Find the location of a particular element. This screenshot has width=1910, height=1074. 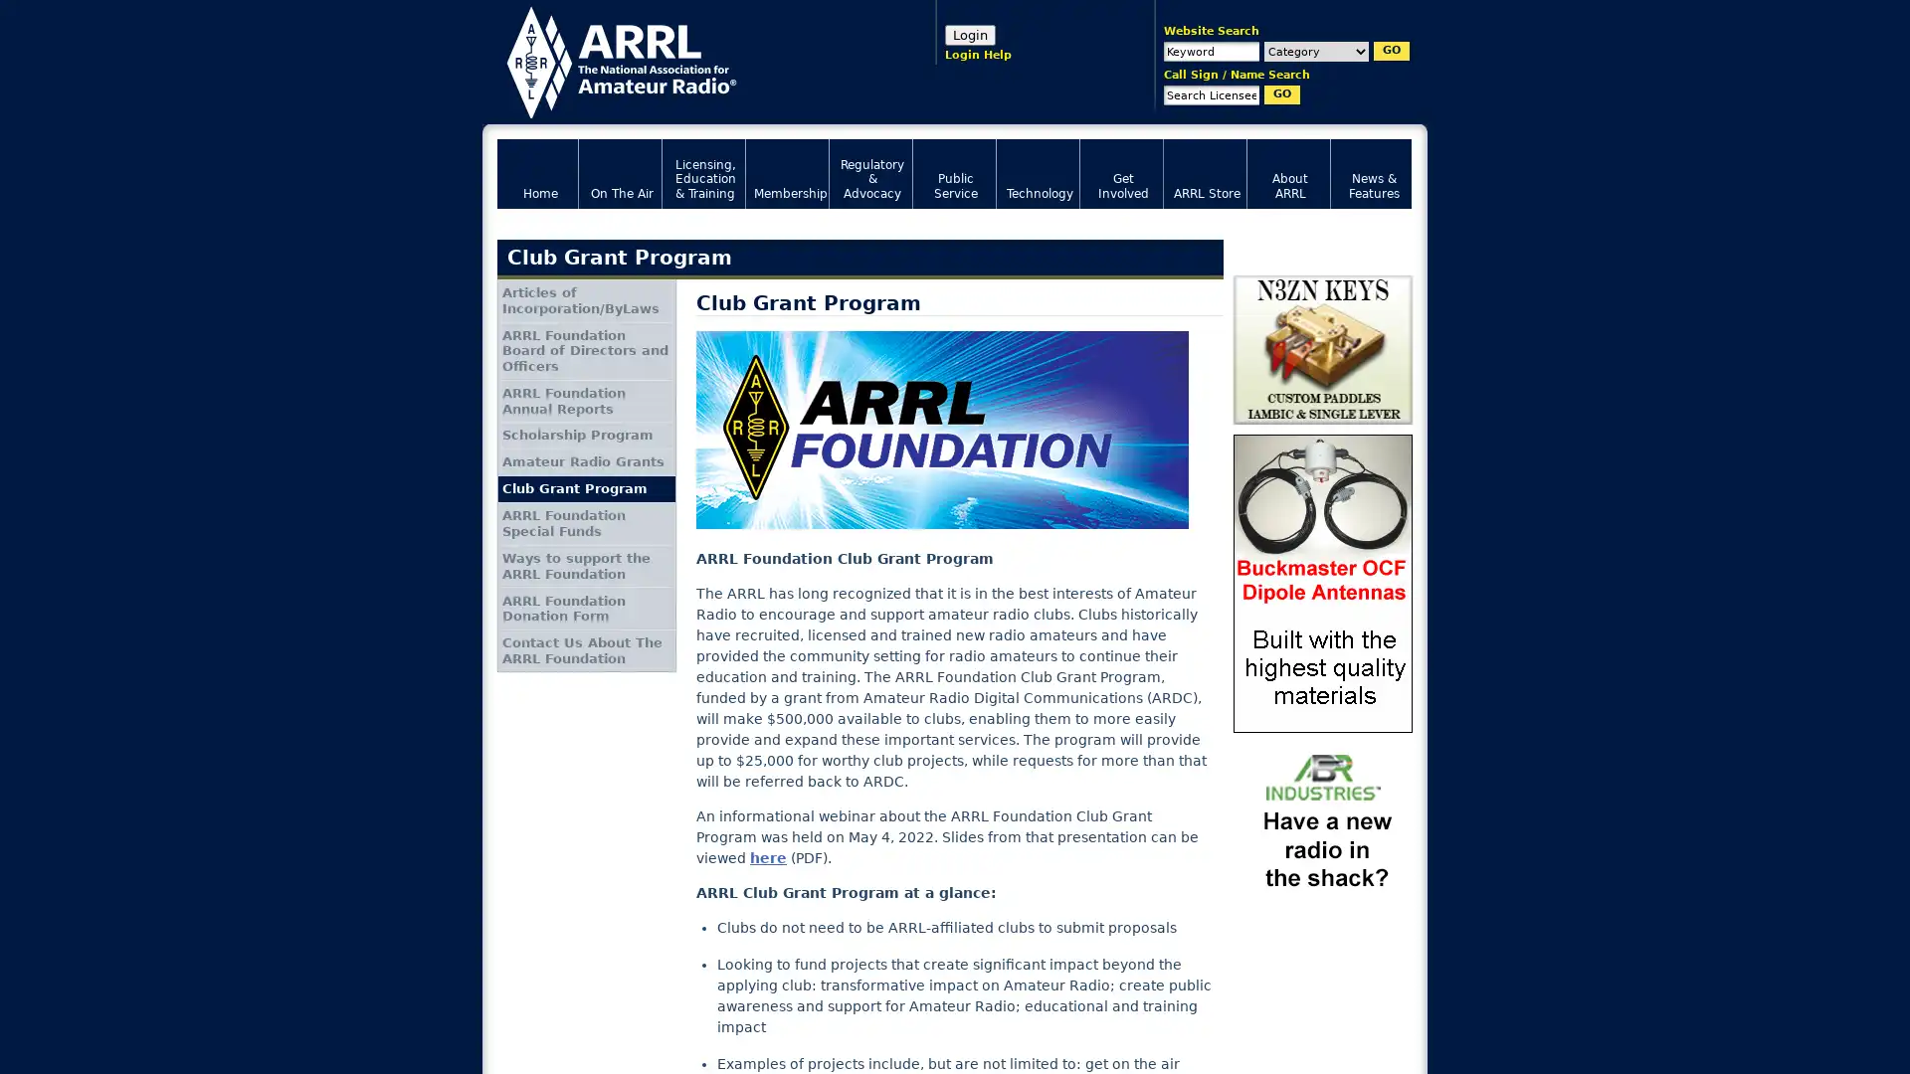

GO is located at coordinates (1390, 50).